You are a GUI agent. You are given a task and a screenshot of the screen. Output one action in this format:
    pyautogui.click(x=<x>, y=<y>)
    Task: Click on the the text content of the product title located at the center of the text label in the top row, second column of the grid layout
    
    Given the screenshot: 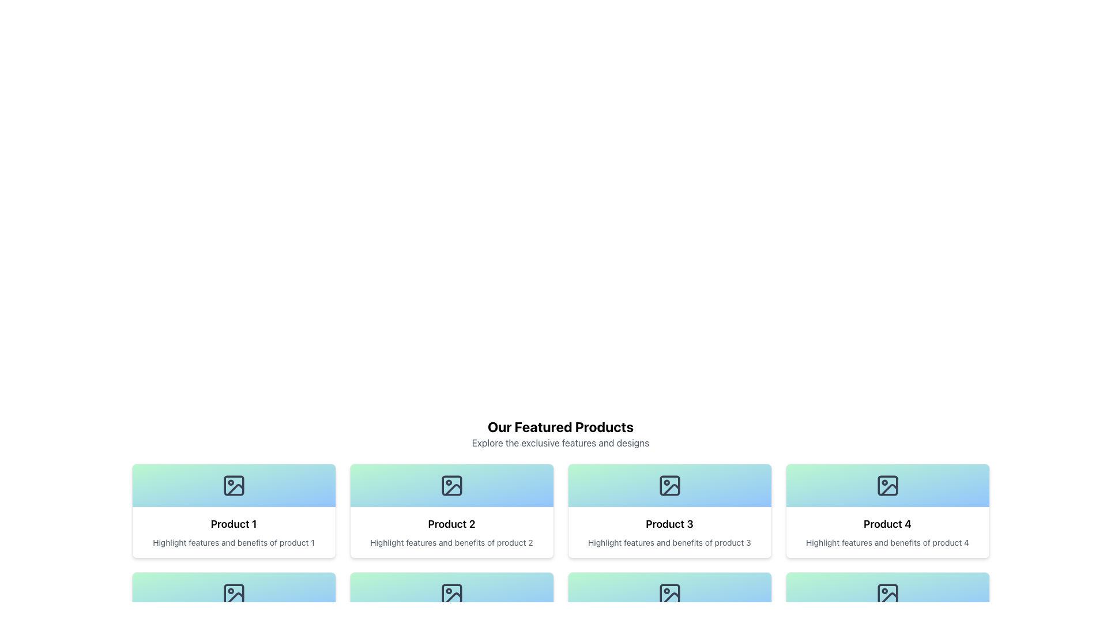 What is the action you would take?
    pyautogui.click(x=451, y=524)
    